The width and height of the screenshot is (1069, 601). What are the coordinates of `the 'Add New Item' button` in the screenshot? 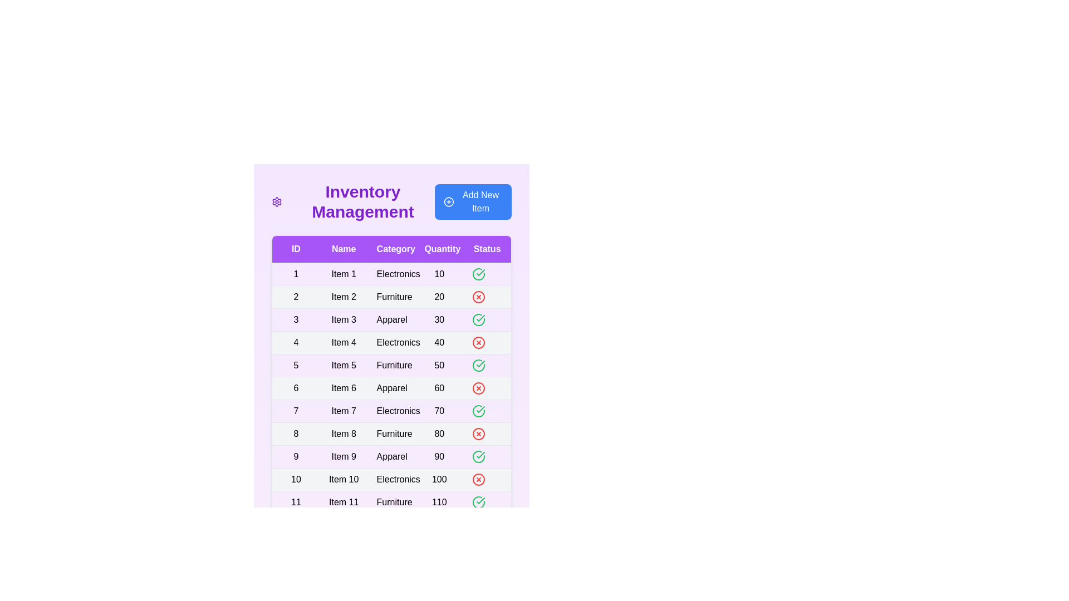 It's located at (473, 201).